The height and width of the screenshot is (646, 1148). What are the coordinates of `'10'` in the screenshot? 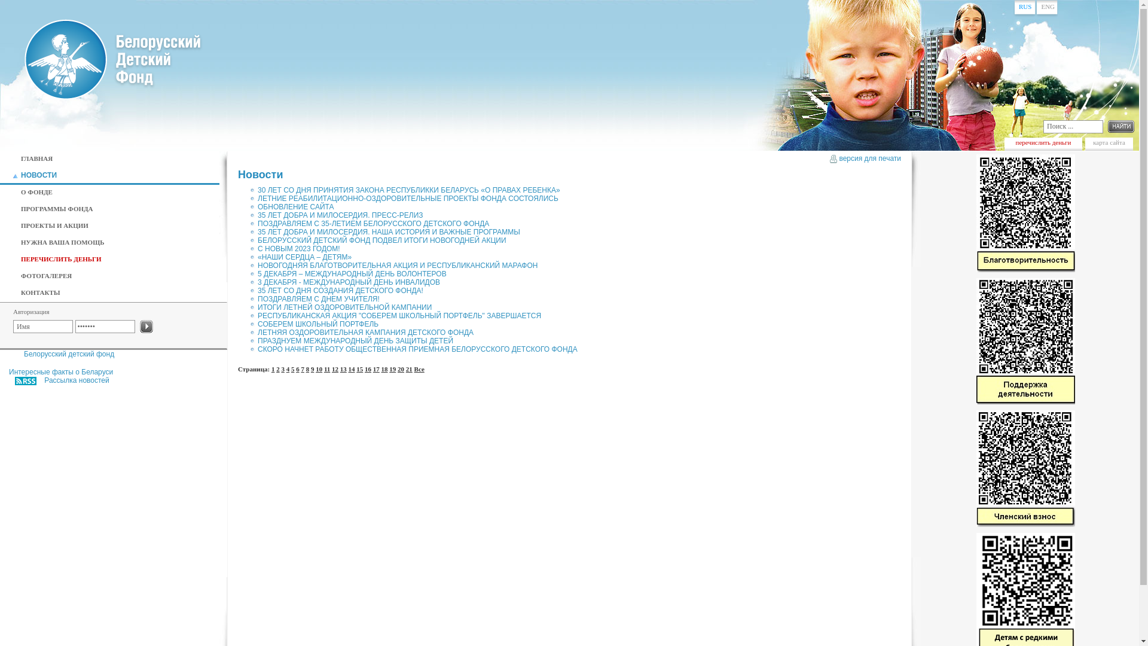 It's located at (319, 365).